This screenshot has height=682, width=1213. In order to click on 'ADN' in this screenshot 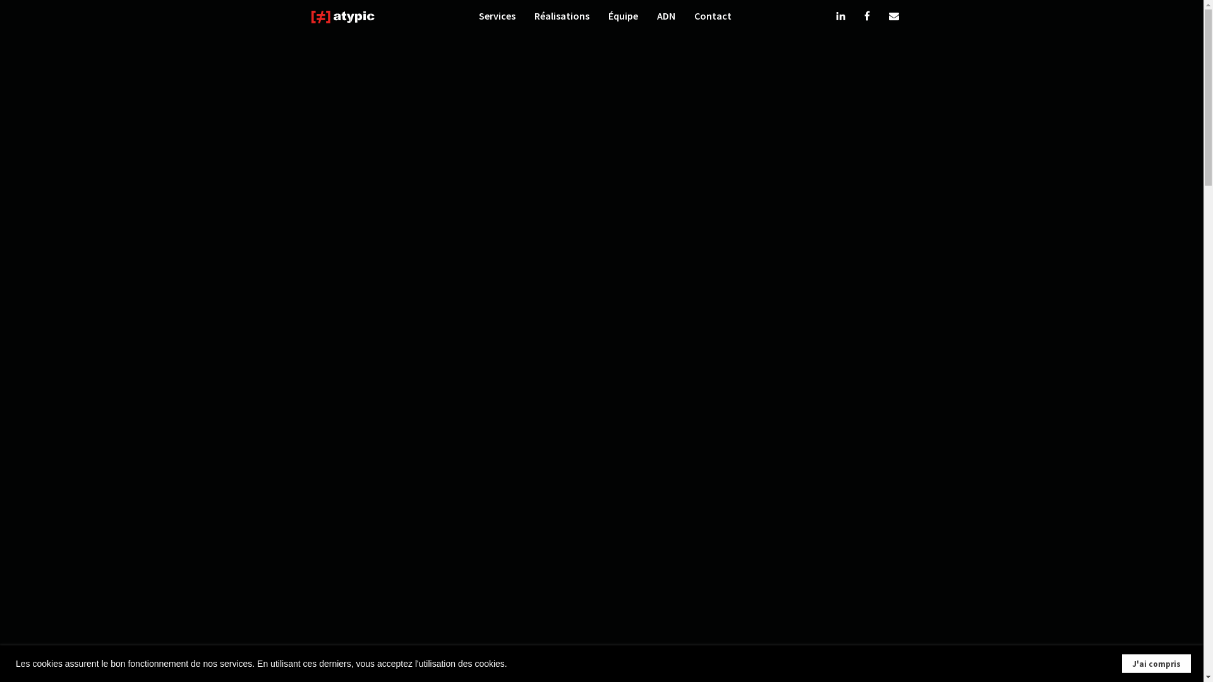, I will do `click(665, 17)`.